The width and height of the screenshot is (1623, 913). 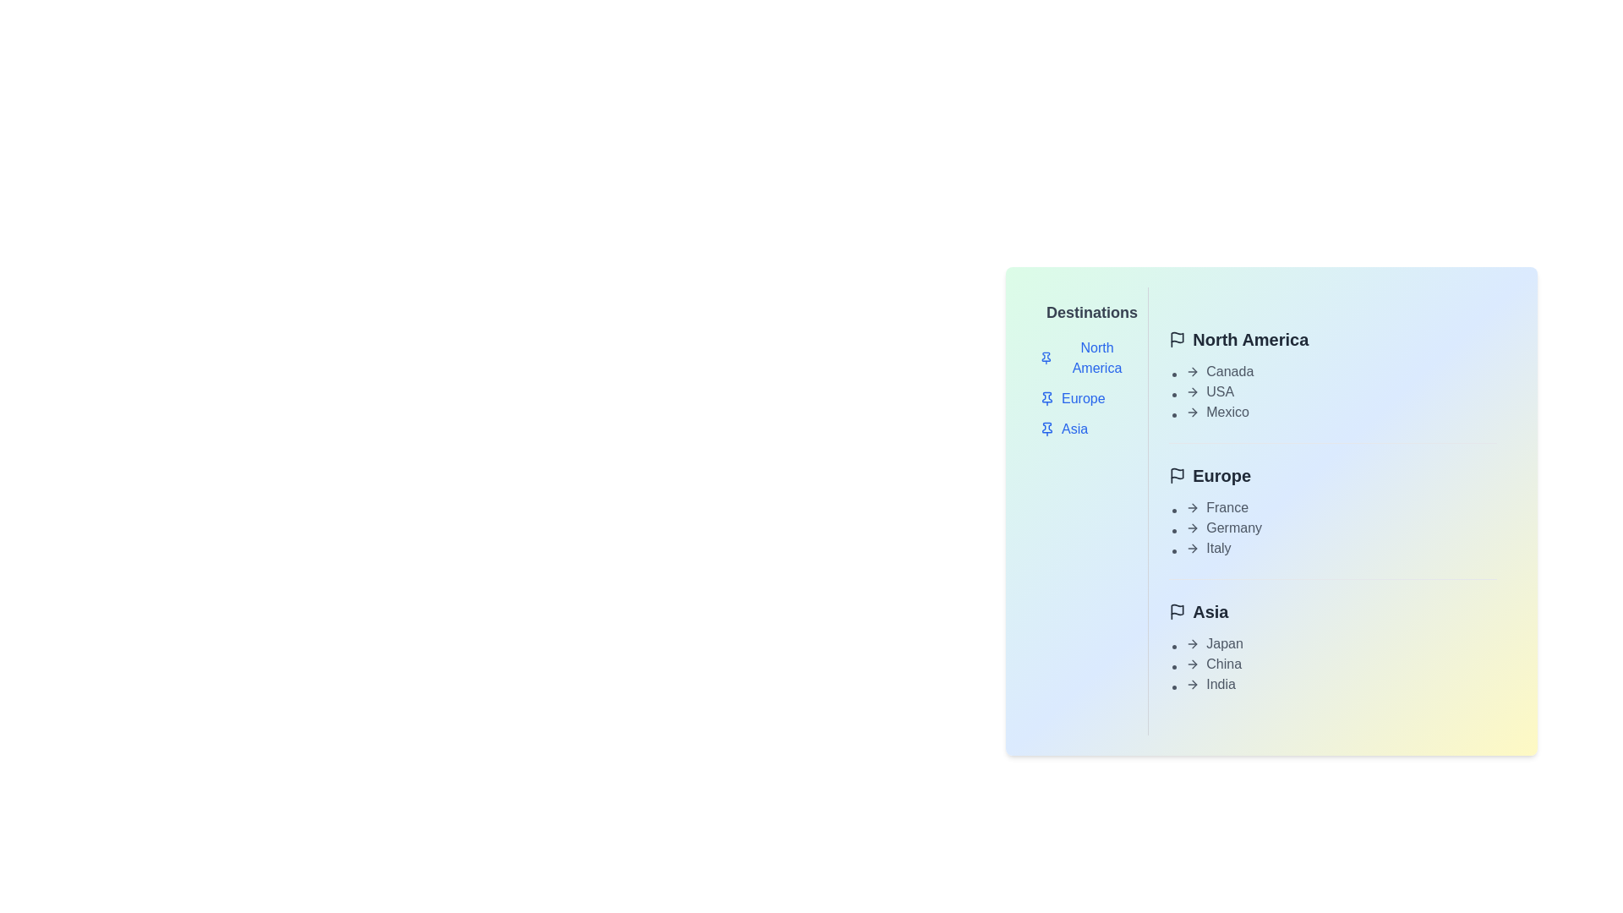 What do you see at coordinates (1177, 337) in the screenshot?
I see `the SVG-based decorative icon representing the 'North America' category in the Destinations panel, which is located to the left of the 'North America' title` at bounding box center [1177, 337].